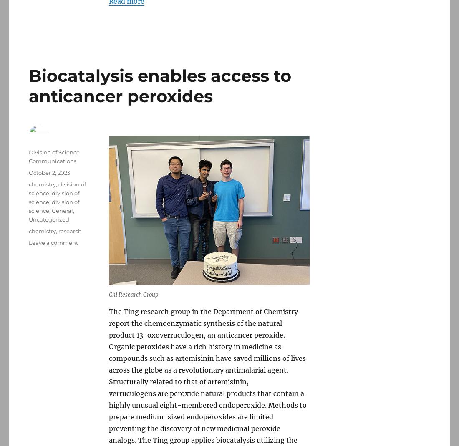 This screenshot has width=459, height=446. I want to click on 'Division of Science Communications', so click(54, 156).